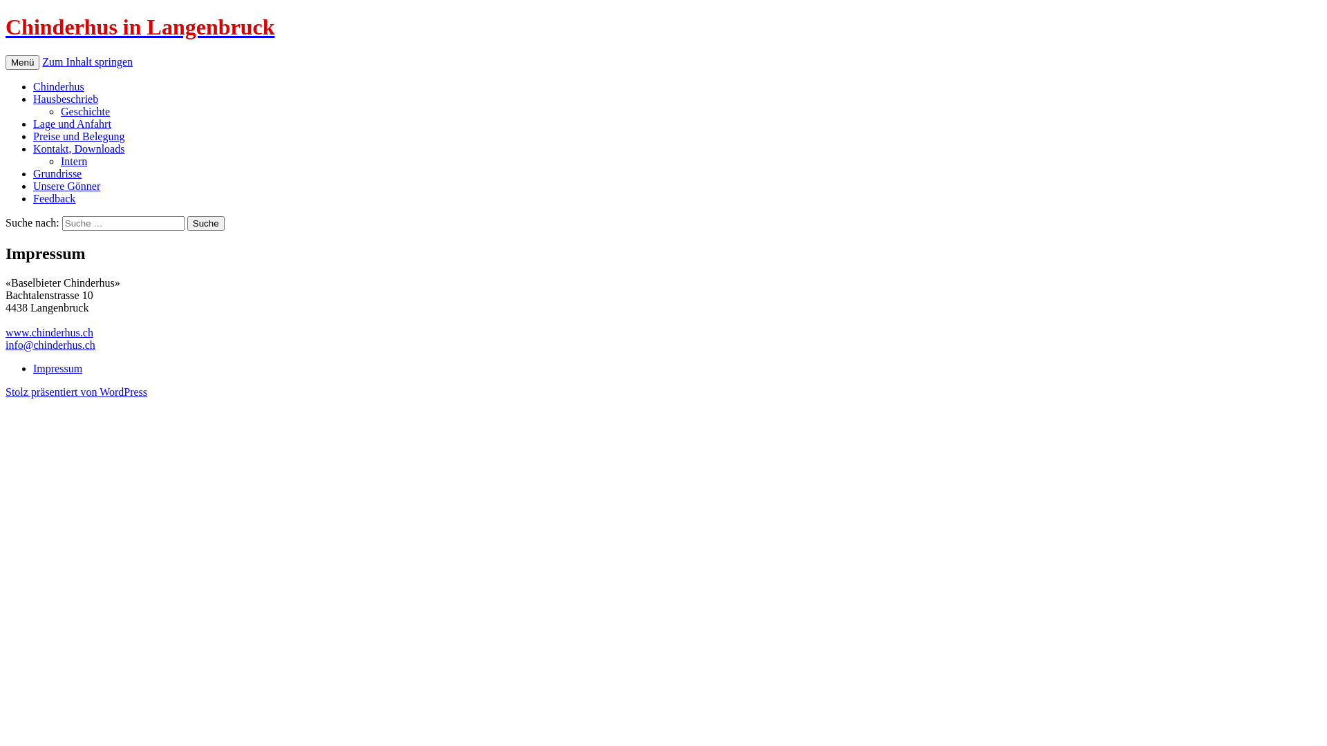  What do you see at coordinates (58, 86) in the screenshot?
I see `'Chinderhus'` at bounding box center [58, 86].